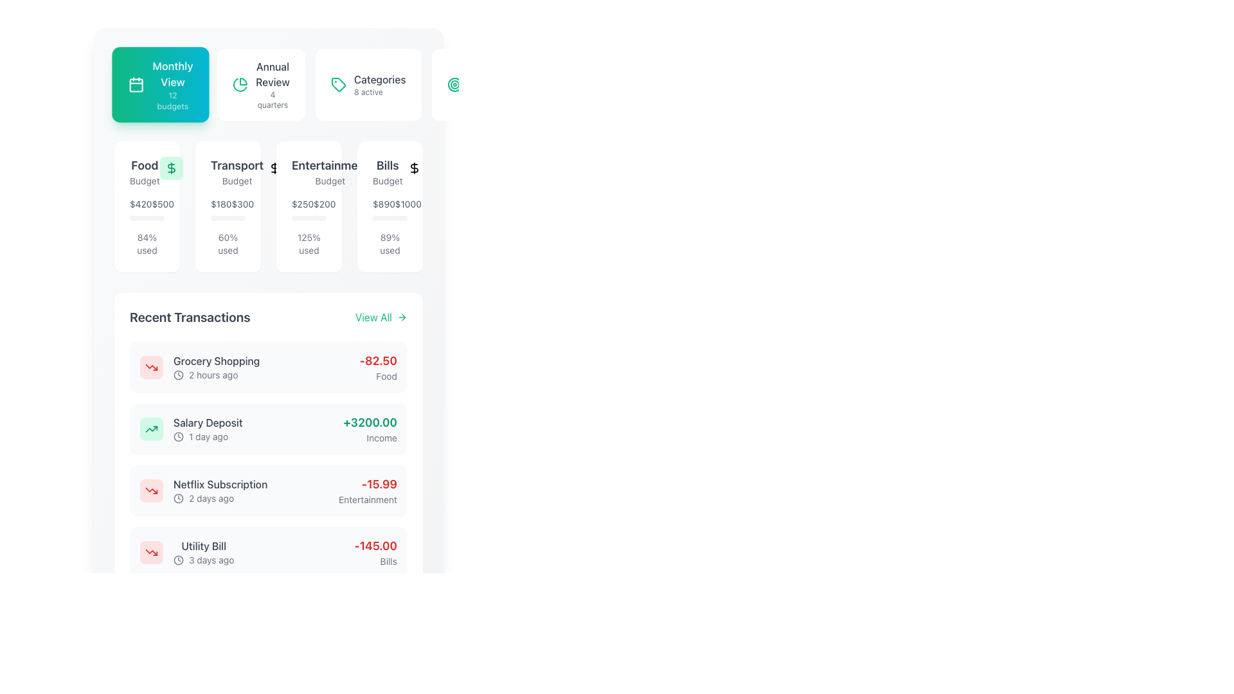 This screenshot has width=1234, height=694. What do you see at coordinates (213, 375) in the screenshot?
I see `the text label displaying '2 hours ago' in the 'Recent Transactions' section, which is aligned next to a clock icon and below 'Grocery Shopping'` at bounding box center [213, 375].